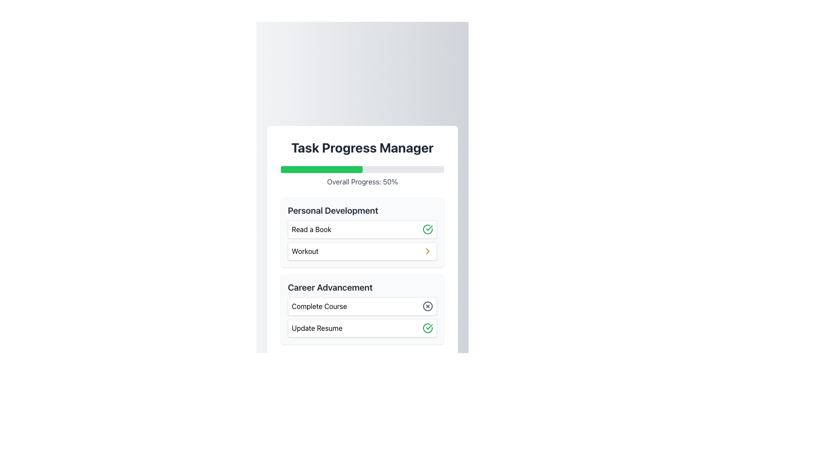 This screenshot has height=472, width=840. What do you see at coordinates (362, 147) in the screenshot?
I see `the 'Task Progress Manager' text header, which is styled in bold and large dark gray font, located at the top of the interface` at bounding box center [362, 147].